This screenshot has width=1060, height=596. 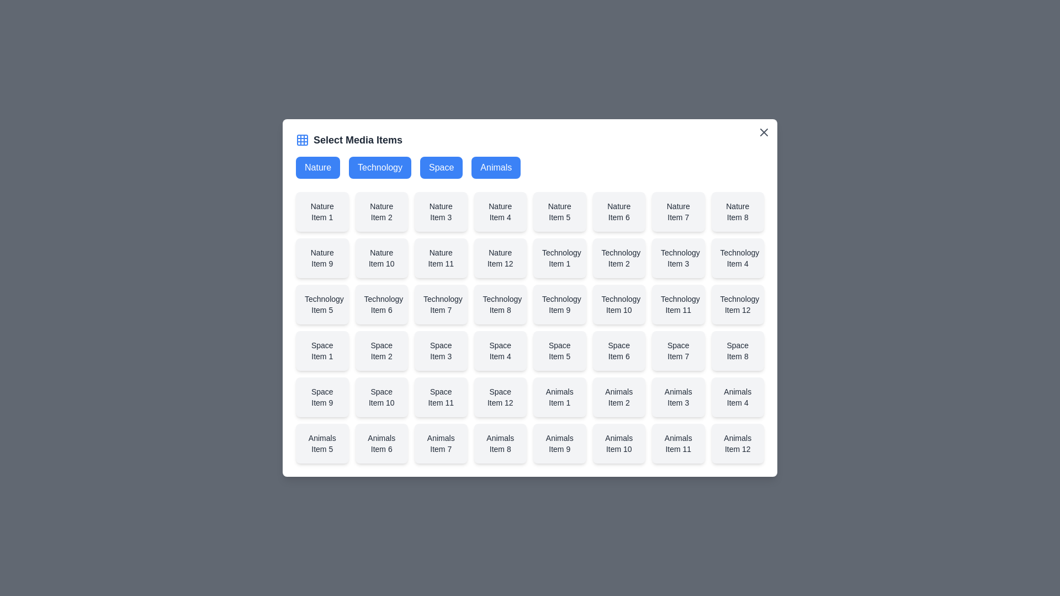 What do you see at coordinates (495, 168) in the screenshot?
I see `the Animals button to select the desired category` at bounding box center [495, 168].